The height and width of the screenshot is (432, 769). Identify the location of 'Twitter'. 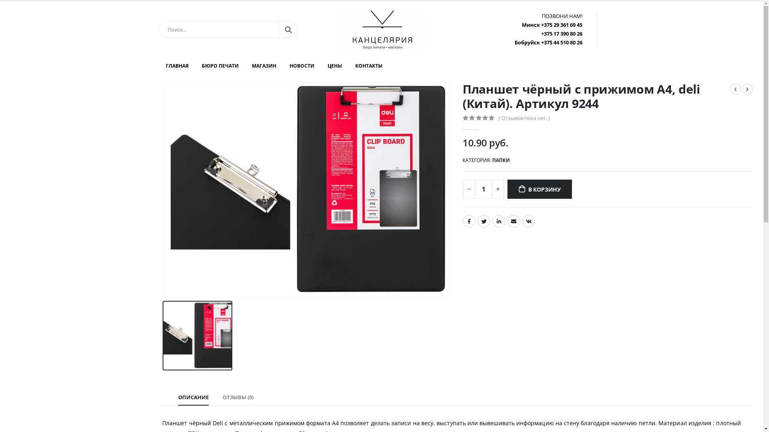
(477, 221).